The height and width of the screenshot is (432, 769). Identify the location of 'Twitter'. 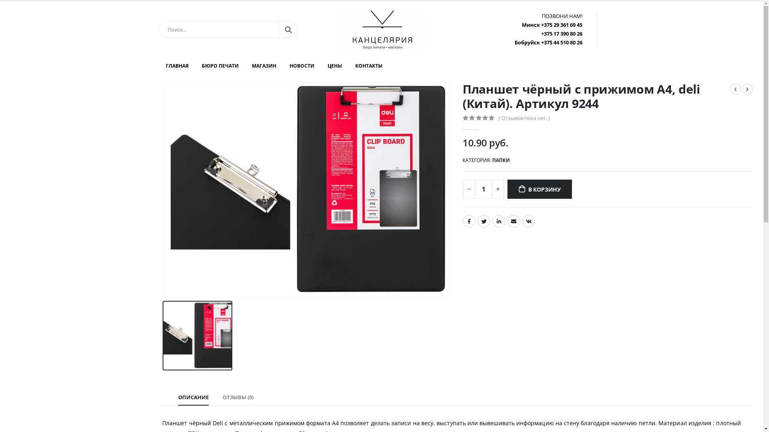
(477, 221).